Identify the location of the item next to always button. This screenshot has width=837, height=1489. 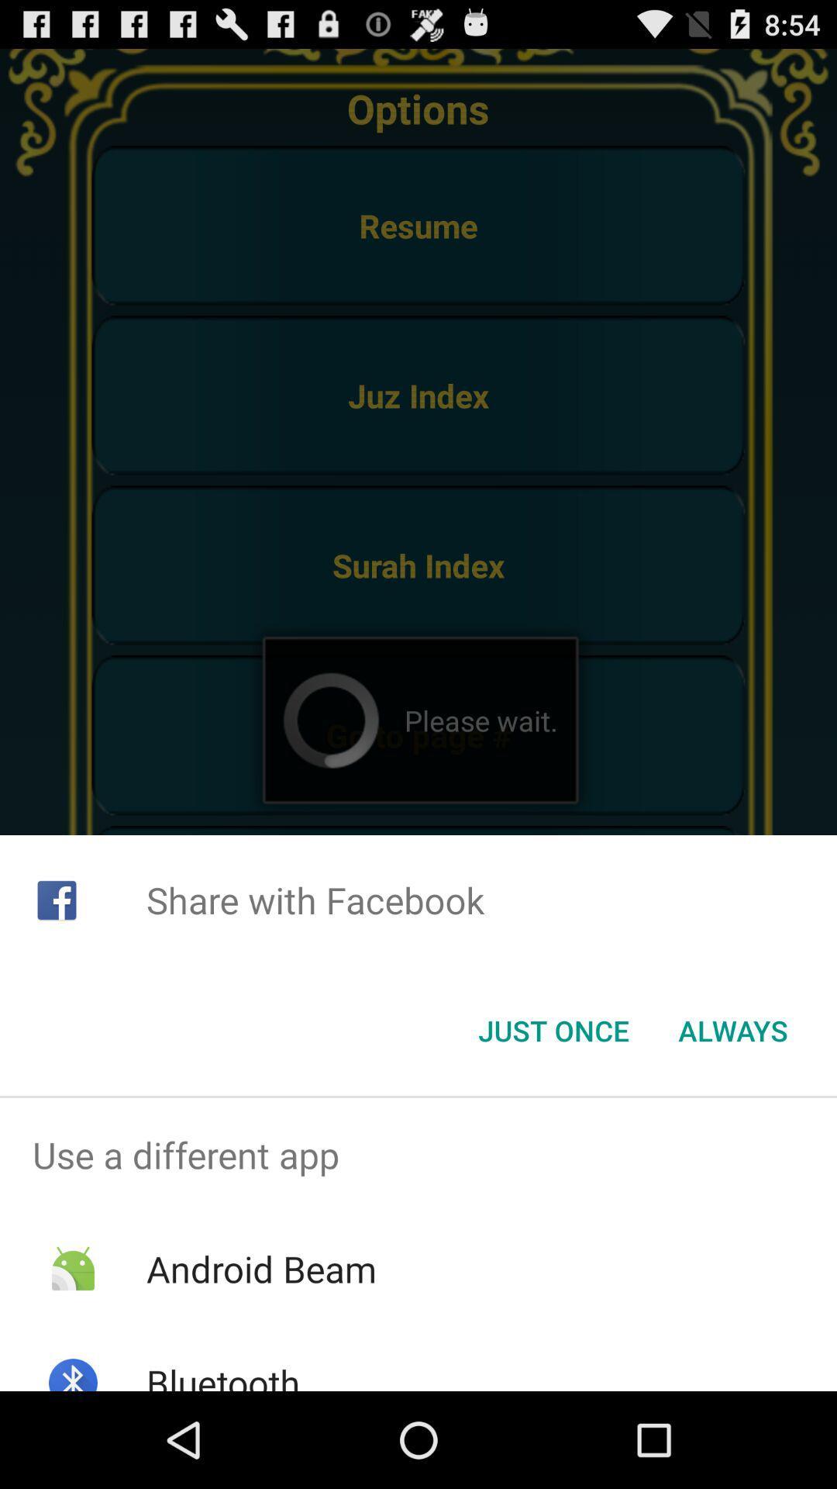
(553, 1031).